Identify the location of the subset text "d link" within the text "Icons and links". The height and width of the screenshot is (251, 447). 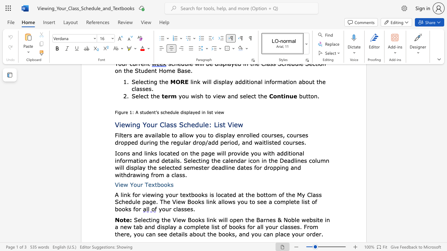
(139, 153).